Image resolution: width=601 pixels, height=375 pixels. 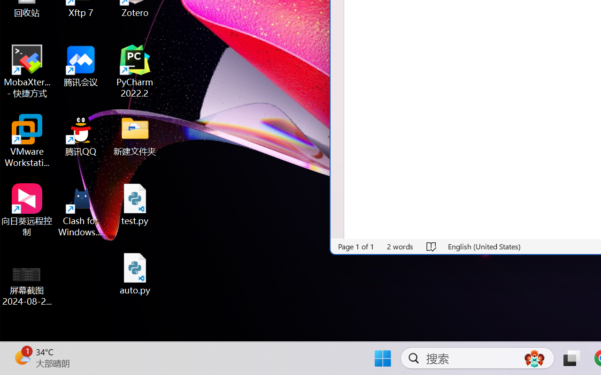 I want to click on 'VMware Workstation Pro', so click(x=27, y=141).